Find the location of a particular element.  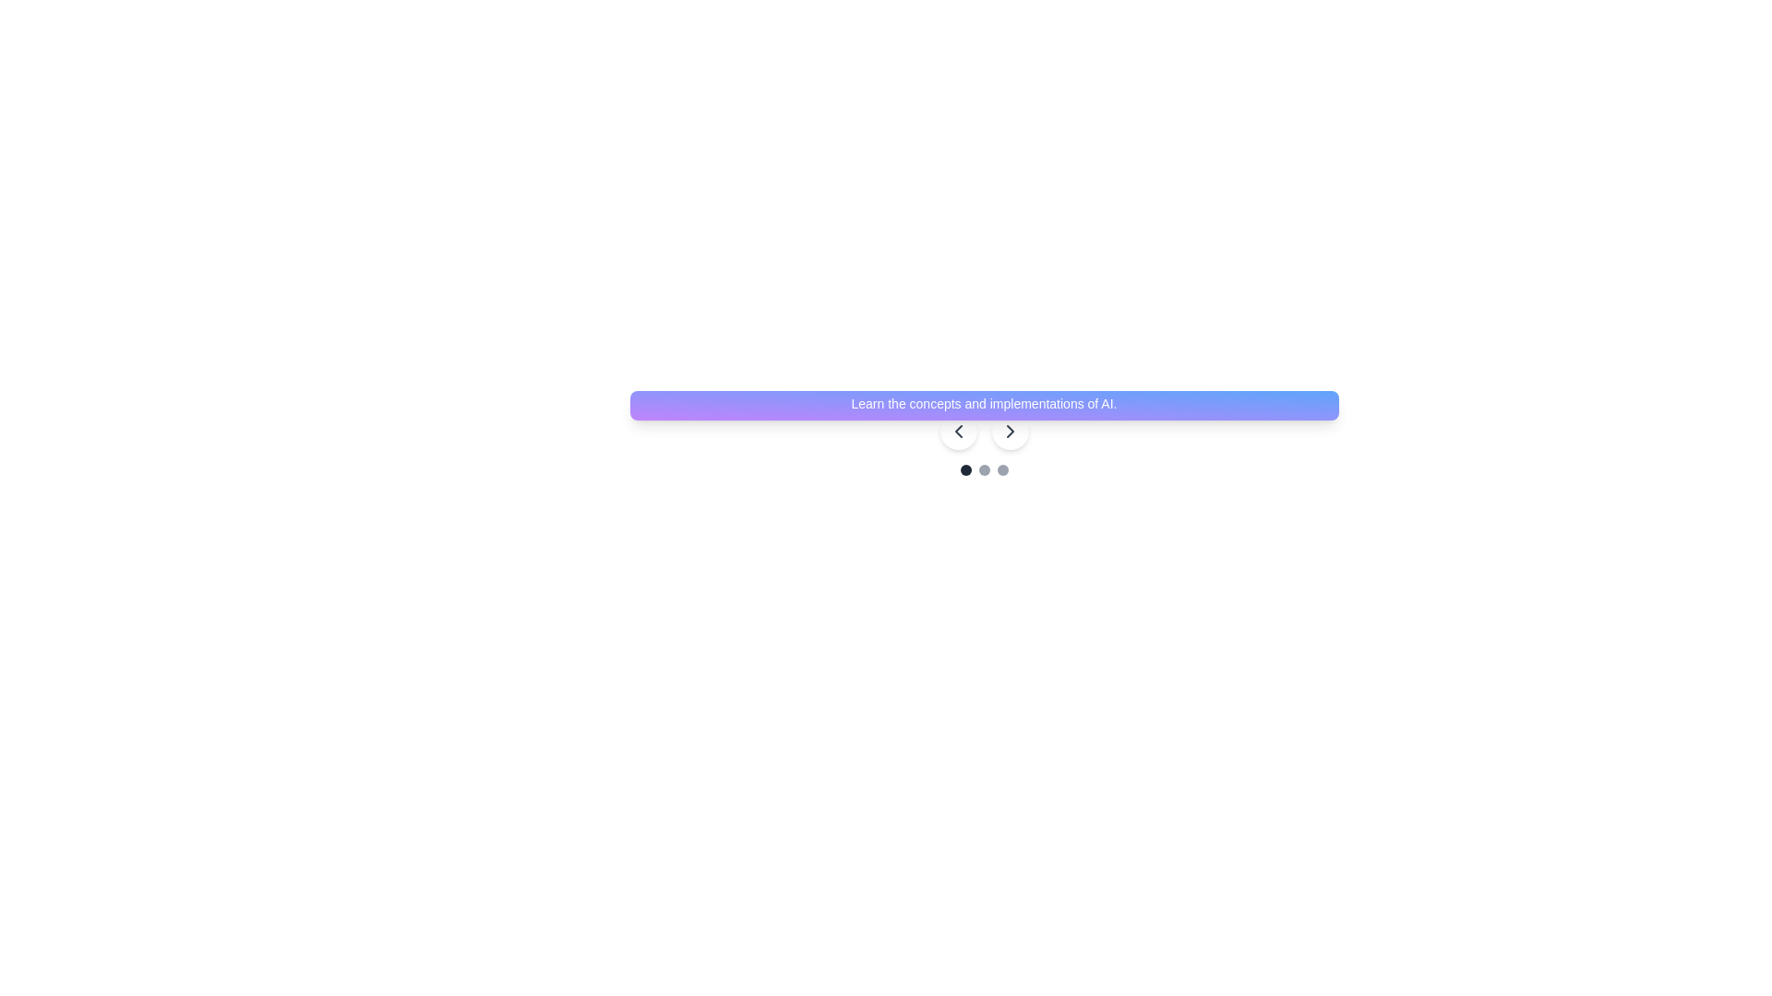

the left-facing chevron icon, which is displayed in a gray color within a circular white button, positioned centrally below the text 'Learn the concepts and implementations of AI.' is located at coordinates (958, 431).